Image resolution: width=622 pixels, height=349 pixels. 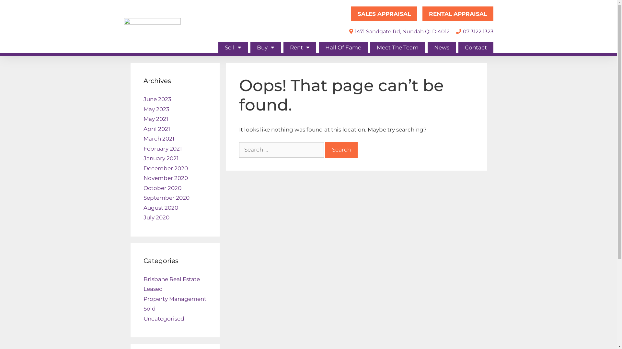 I want to click on 'Search', so click(x=325, y=150).